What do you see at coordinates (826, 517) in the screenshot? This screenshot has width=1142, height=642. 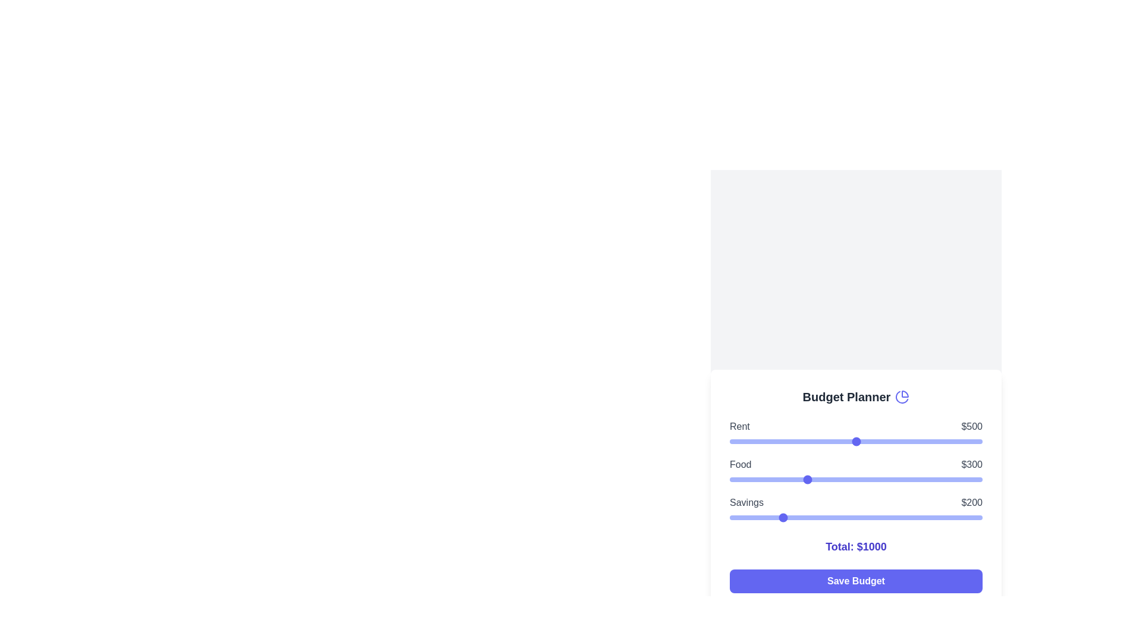 I see `the savings slider to 383` at bounding box center [826, 517].